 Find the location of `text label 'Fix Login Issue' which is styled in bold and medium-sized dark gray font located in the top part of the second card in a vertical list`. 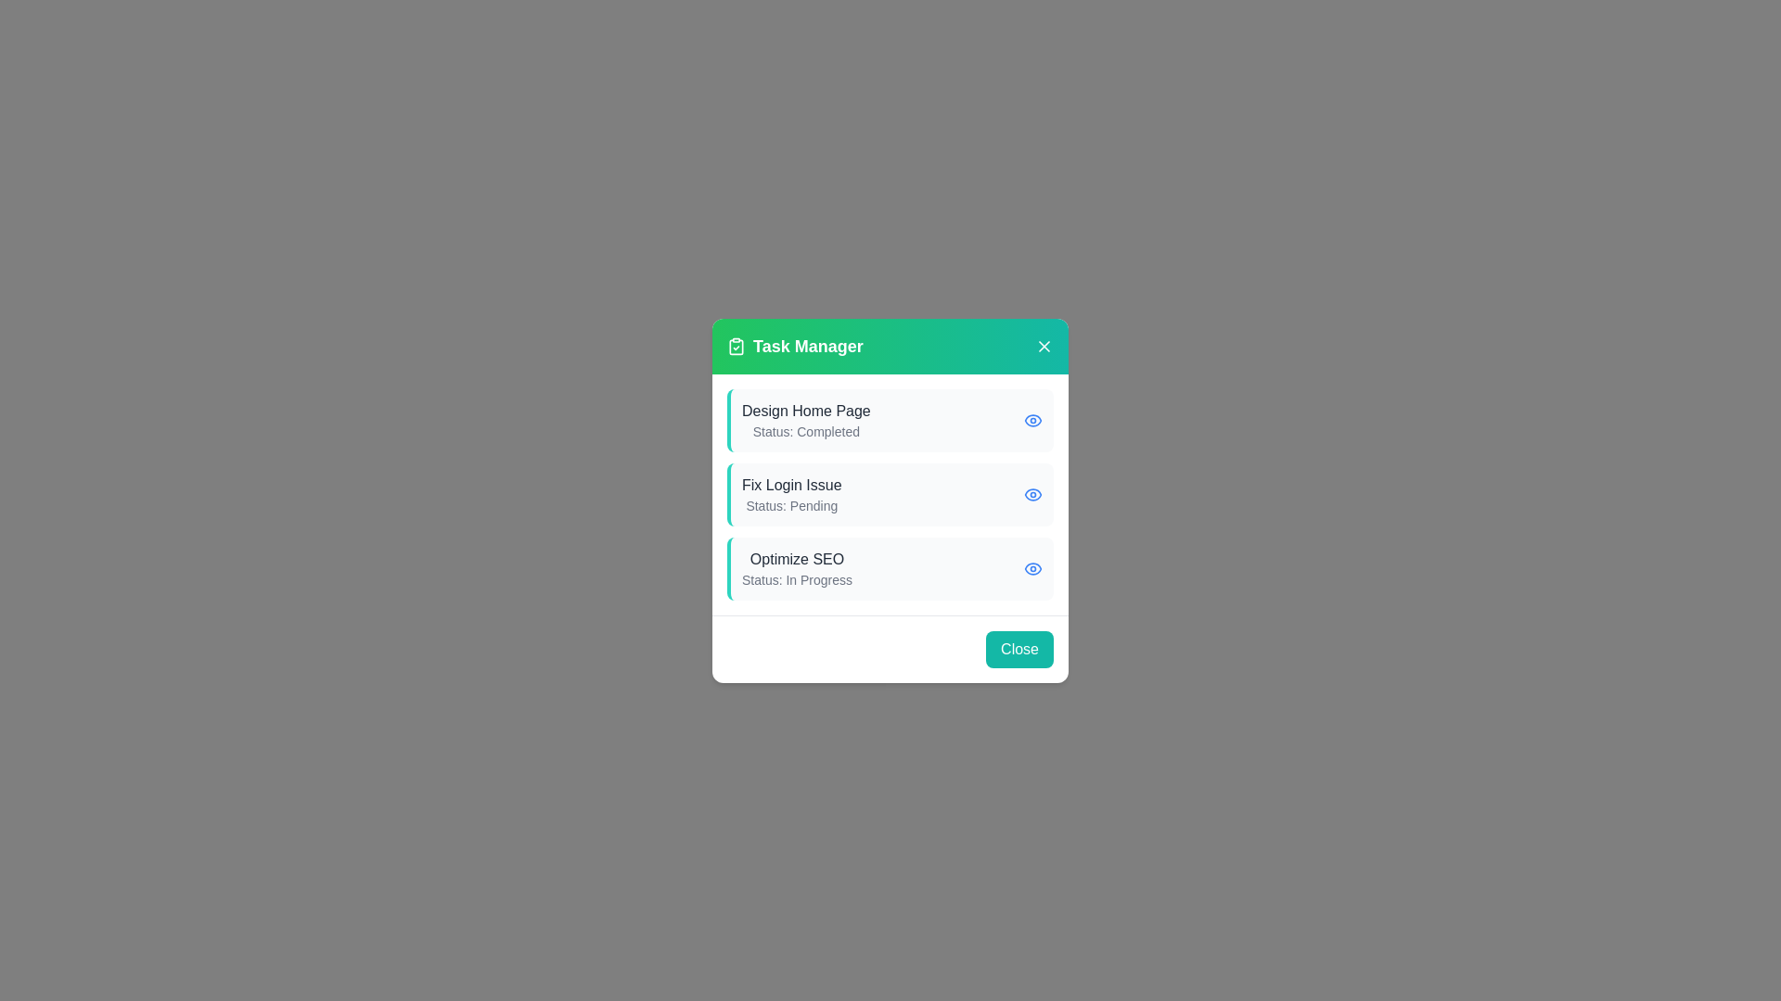

text label 'Fix Login Issue' which is styled in bold and medium-sized dark gray font located in the top part of the second card in a vertical list is located at coordinates (791, 484).